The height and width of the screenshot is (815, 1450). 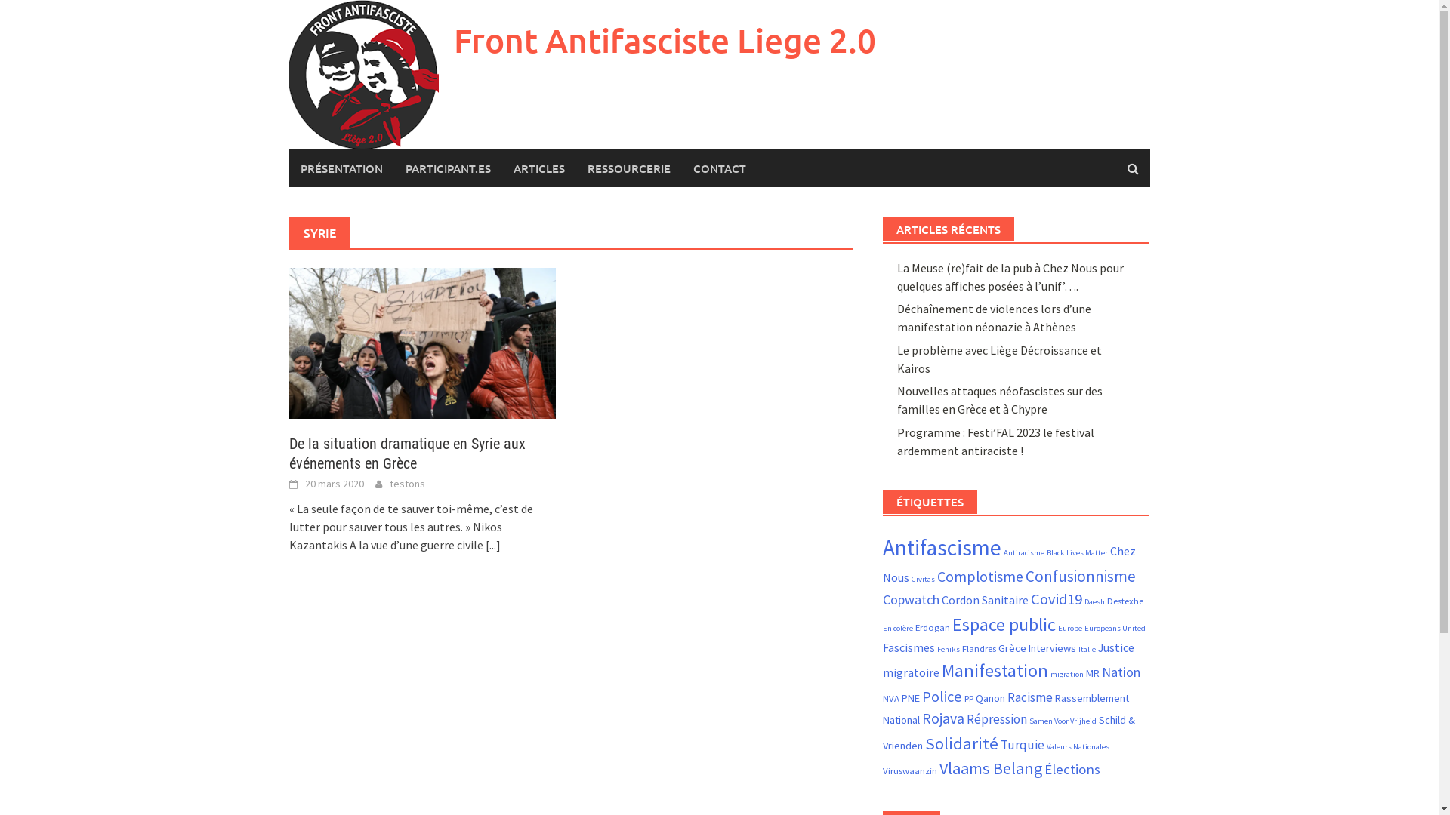 What do you see at coordinates (333, 483) in the screenshot?
I see `'20 mars 2020'` at bounding box center [333, 483].